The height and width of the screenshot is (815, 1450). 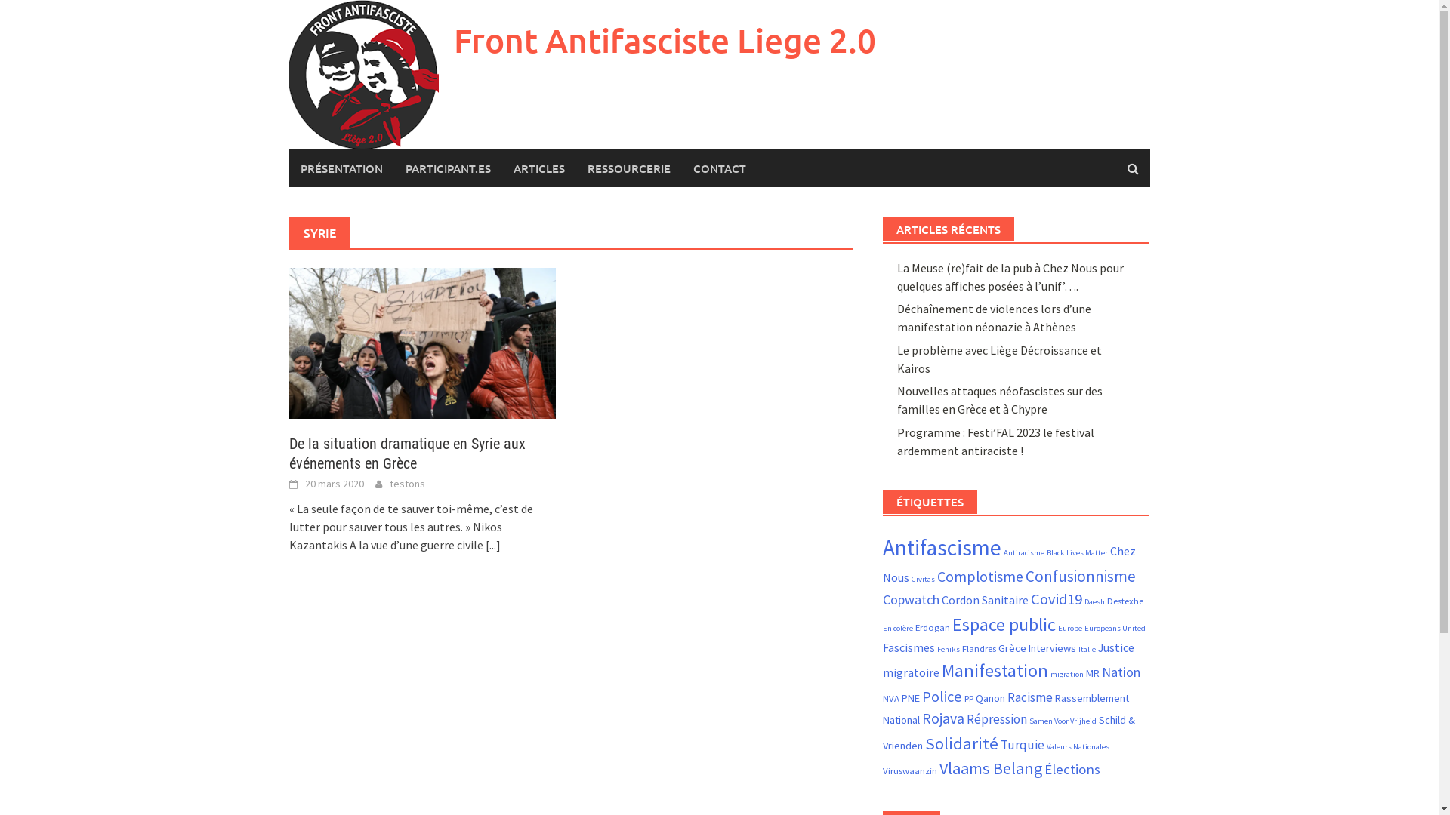 What do you see at coordinates (333, 483) in the screenshot?
I see `'20 mars 2020'` at bounding box center [333, 483].